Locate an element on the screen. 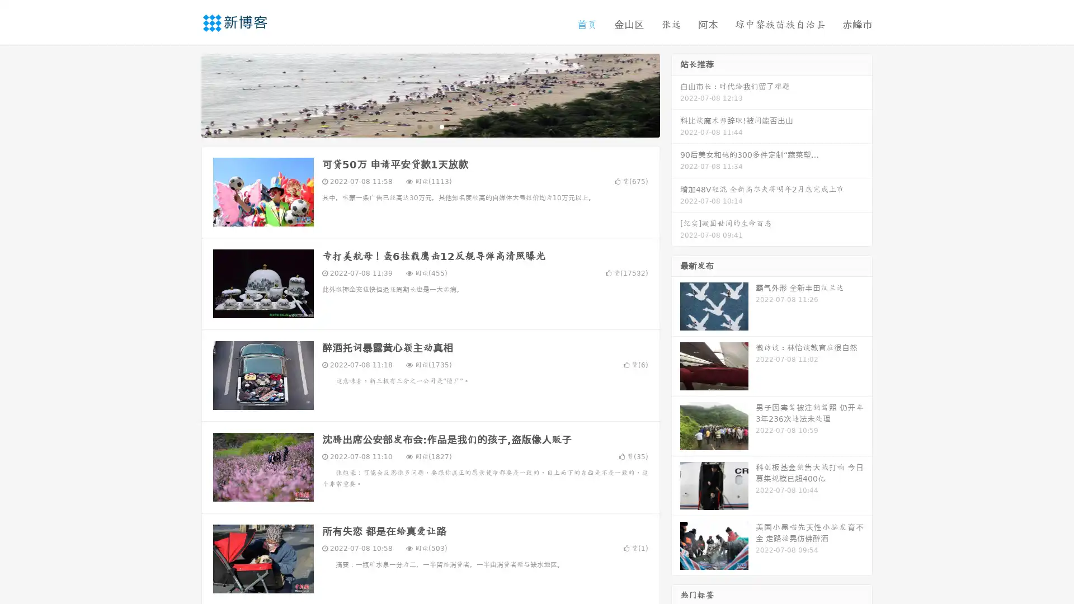  Go to slide 3 is located at coordinates (441, 126).